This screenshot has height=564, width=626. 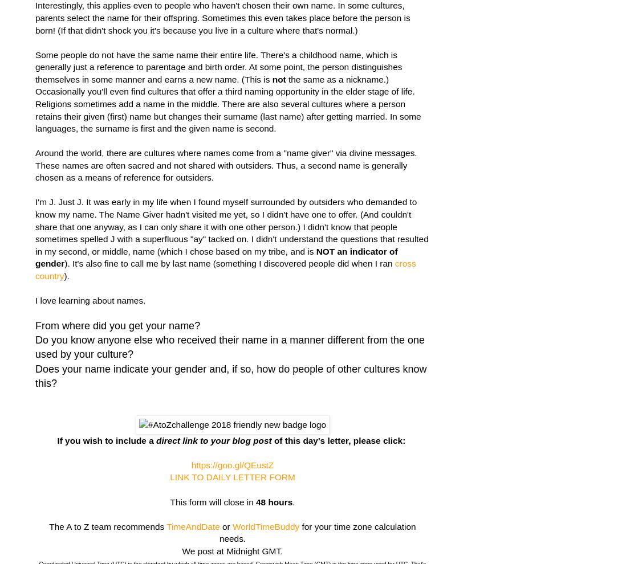 I want to click on 'I'm J. Just J. It was early in my life when I found myself surrounded by outsiders who demanded to know my name. The Name Giver hadn't visited me yet, so I didn't have one to offer. (And couldn't share that one anyway, as I can only share it with one other person.) I didn't know that people sometimes spelled J with a superfluous "ay" tacked on. I didn't understand the questions that resulted in my second, or middle, name (which I chose based on my tribe, and is', so click(x=35, y=226).